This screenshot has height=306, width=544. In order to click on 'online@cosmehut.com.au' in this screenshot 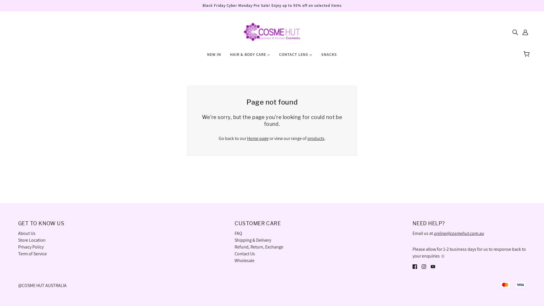, I will do `click(459, 233)`.